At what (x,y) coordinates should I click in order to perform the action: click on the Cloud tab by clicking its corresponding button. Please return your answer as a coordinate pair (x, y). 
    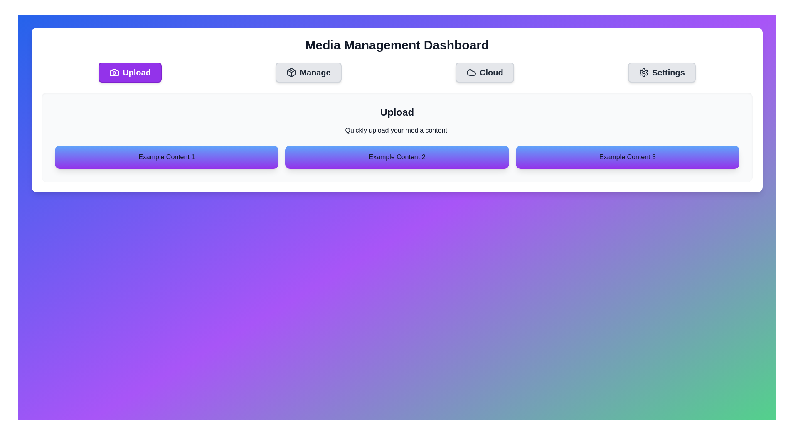
    Looking at the image, I should click on (485, 72).